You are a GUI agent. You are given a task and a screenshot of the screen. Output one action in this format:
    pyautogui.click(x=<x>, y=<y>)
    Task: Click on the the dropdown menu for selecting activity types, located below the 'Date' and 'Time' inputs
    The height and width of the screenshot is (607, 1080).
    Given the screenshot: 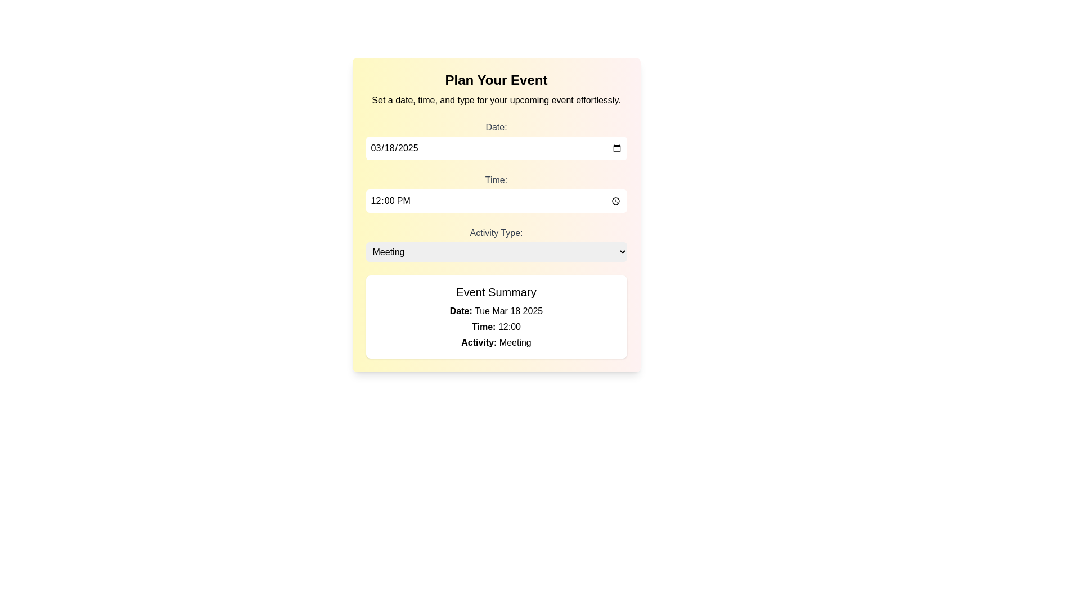 What is the action you would take?
    pyautogui.click(x=496, y=243)
    